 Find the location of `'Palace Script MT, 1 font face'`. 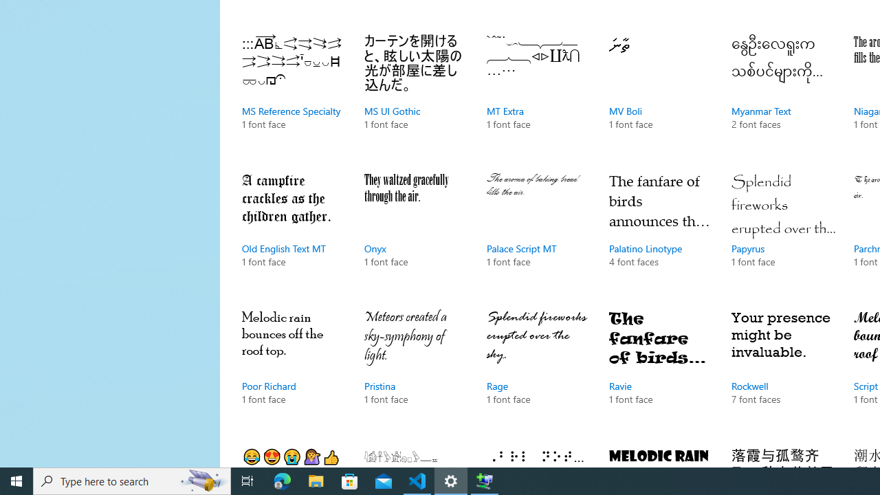

'Palace Script MT, 1 font face' is located at coordinates (538, 232).